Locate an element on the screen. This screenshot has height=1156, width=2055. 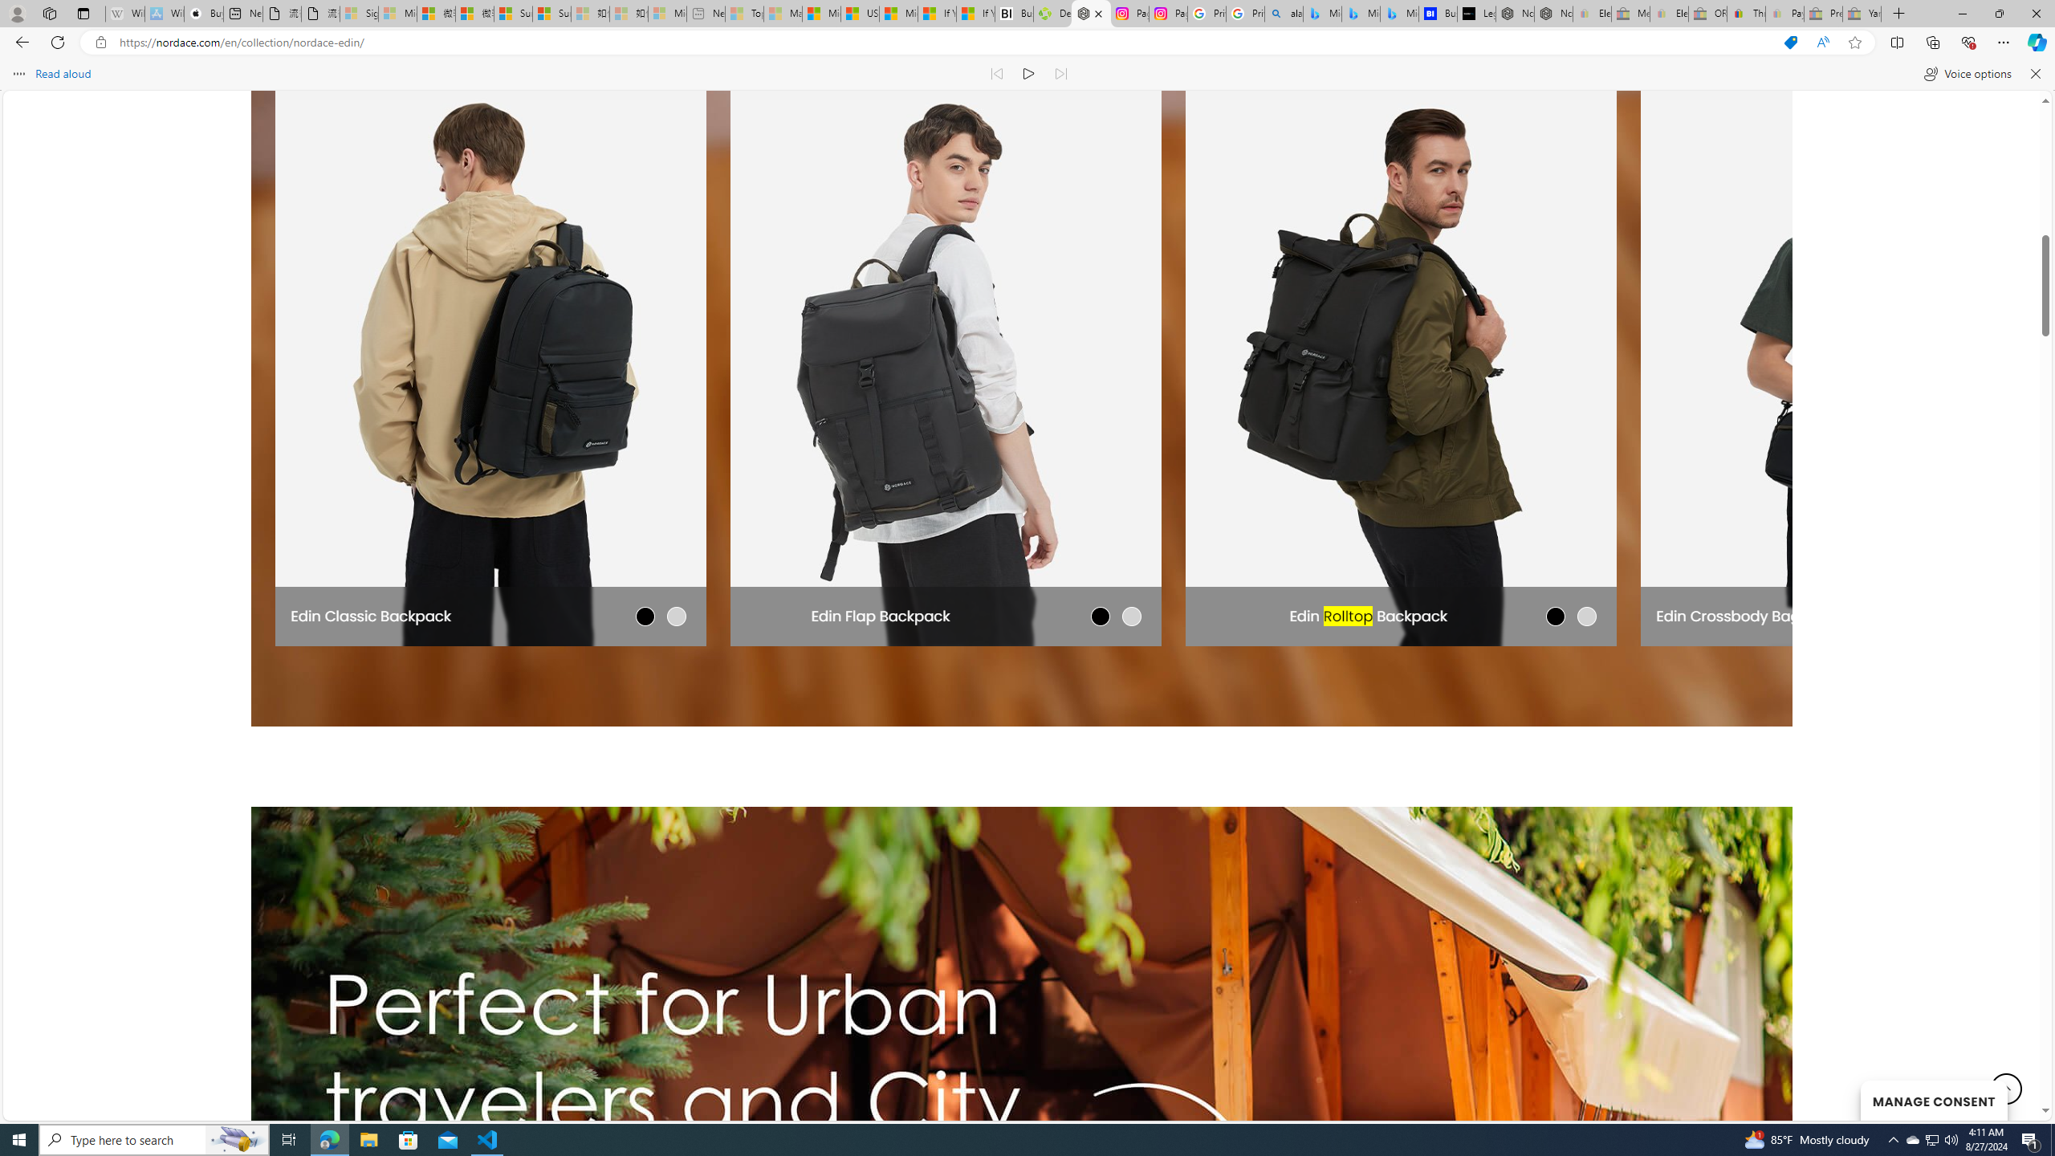
'Restore' is located at coordinates (1999, 13).